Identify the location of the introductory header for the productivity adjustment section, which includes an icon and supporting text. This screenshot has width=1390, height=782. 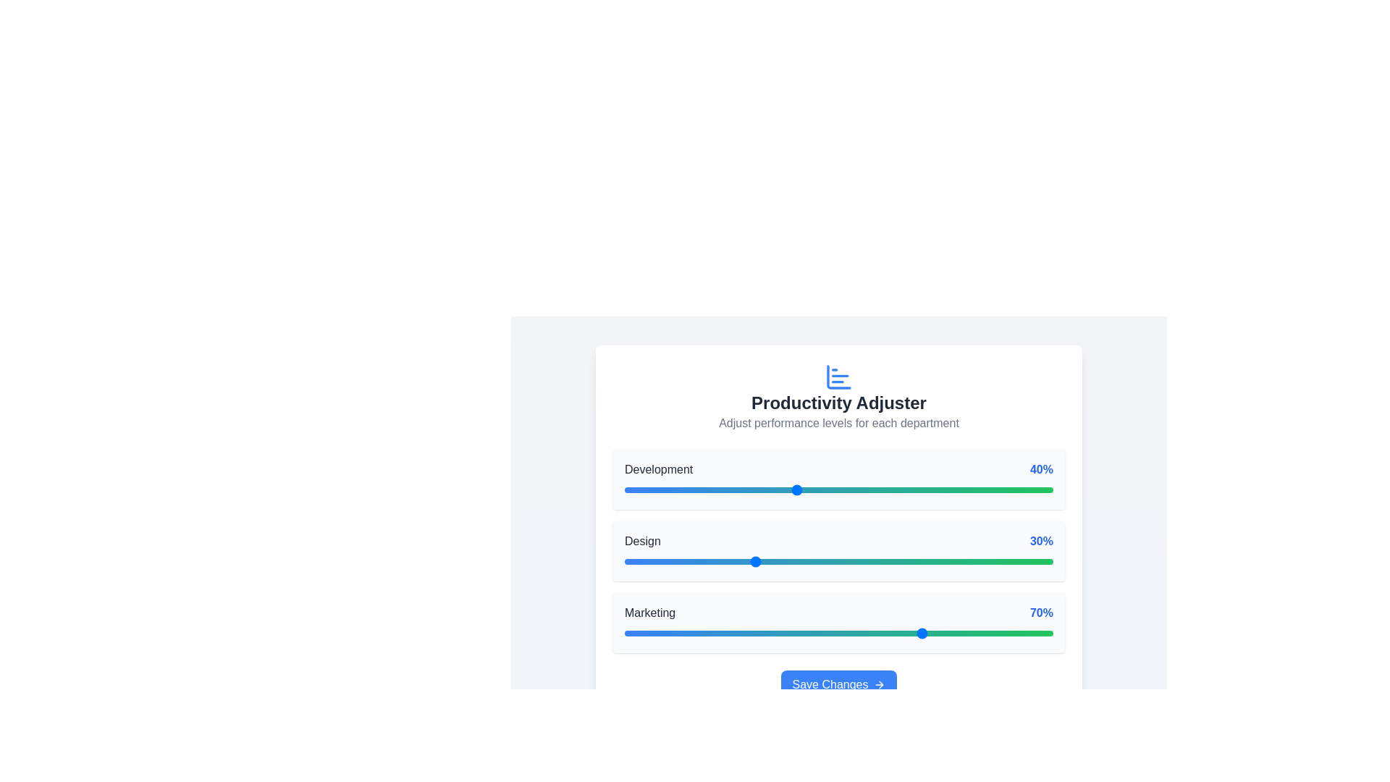
(838, 397).